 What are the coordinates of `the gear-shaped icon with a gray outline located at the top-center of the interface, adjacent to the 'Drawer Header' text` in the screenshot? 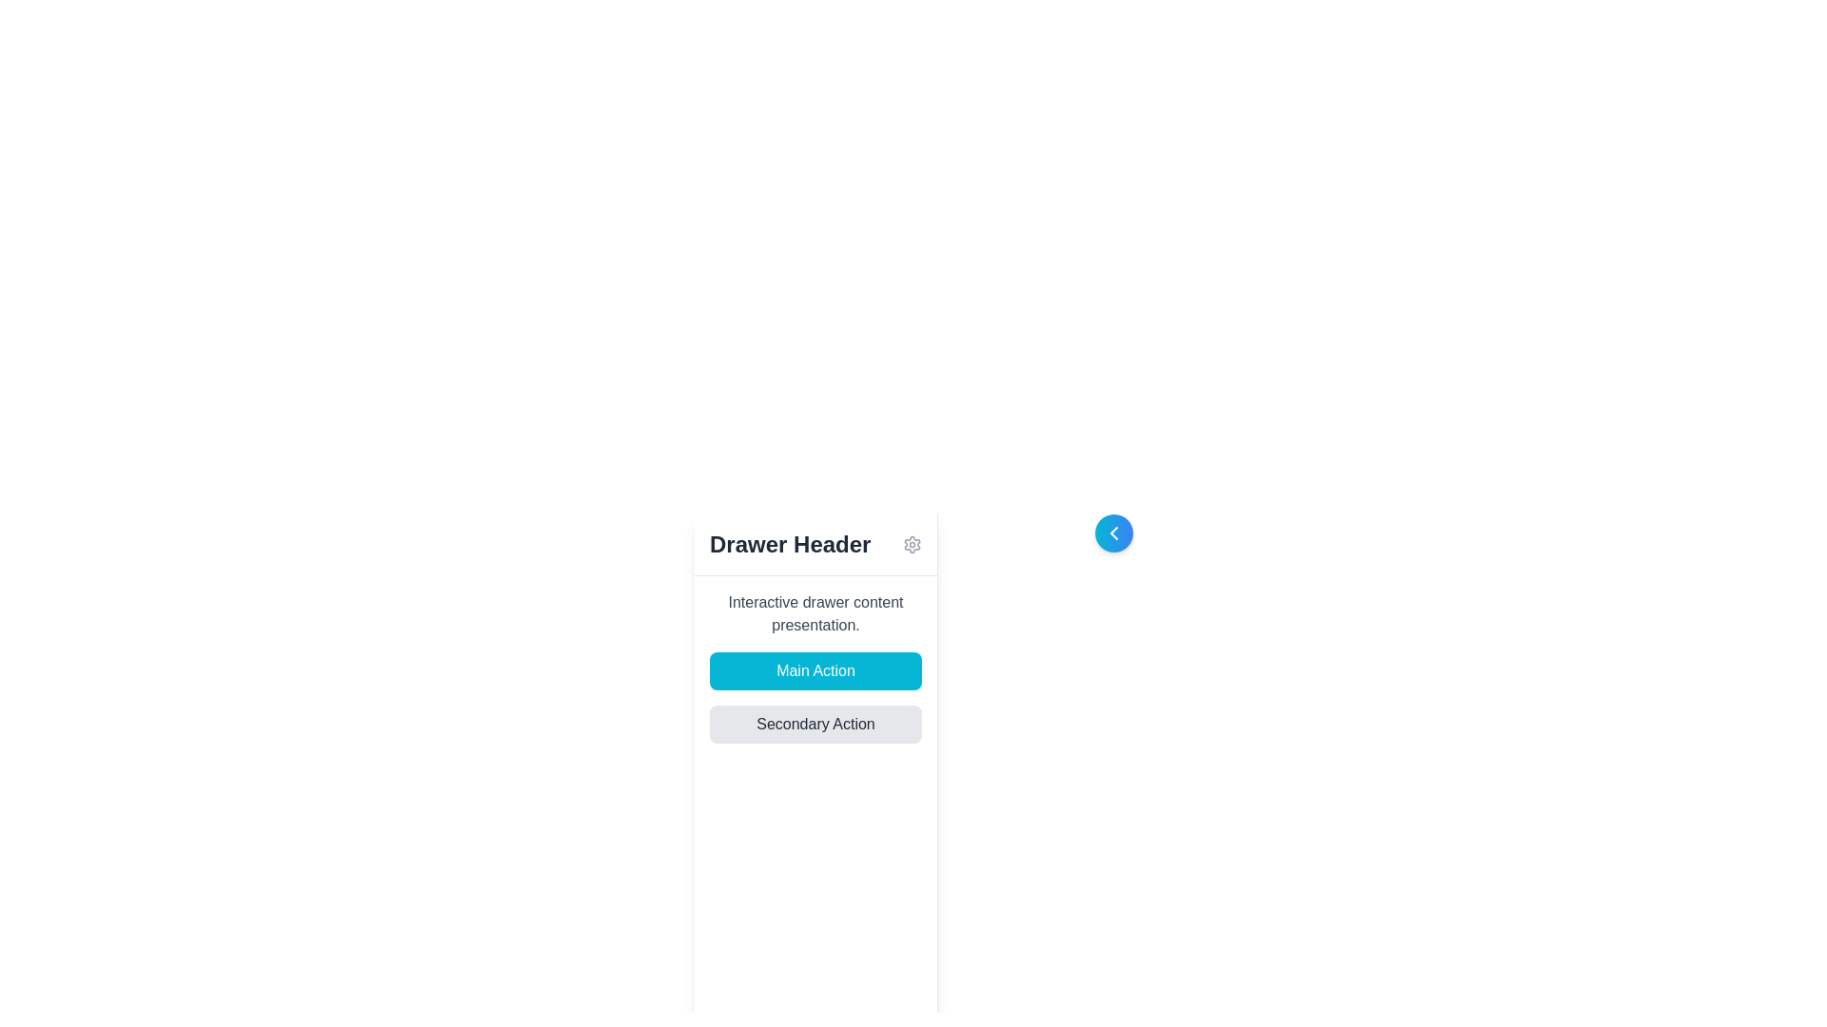 It's located at (912, 545).